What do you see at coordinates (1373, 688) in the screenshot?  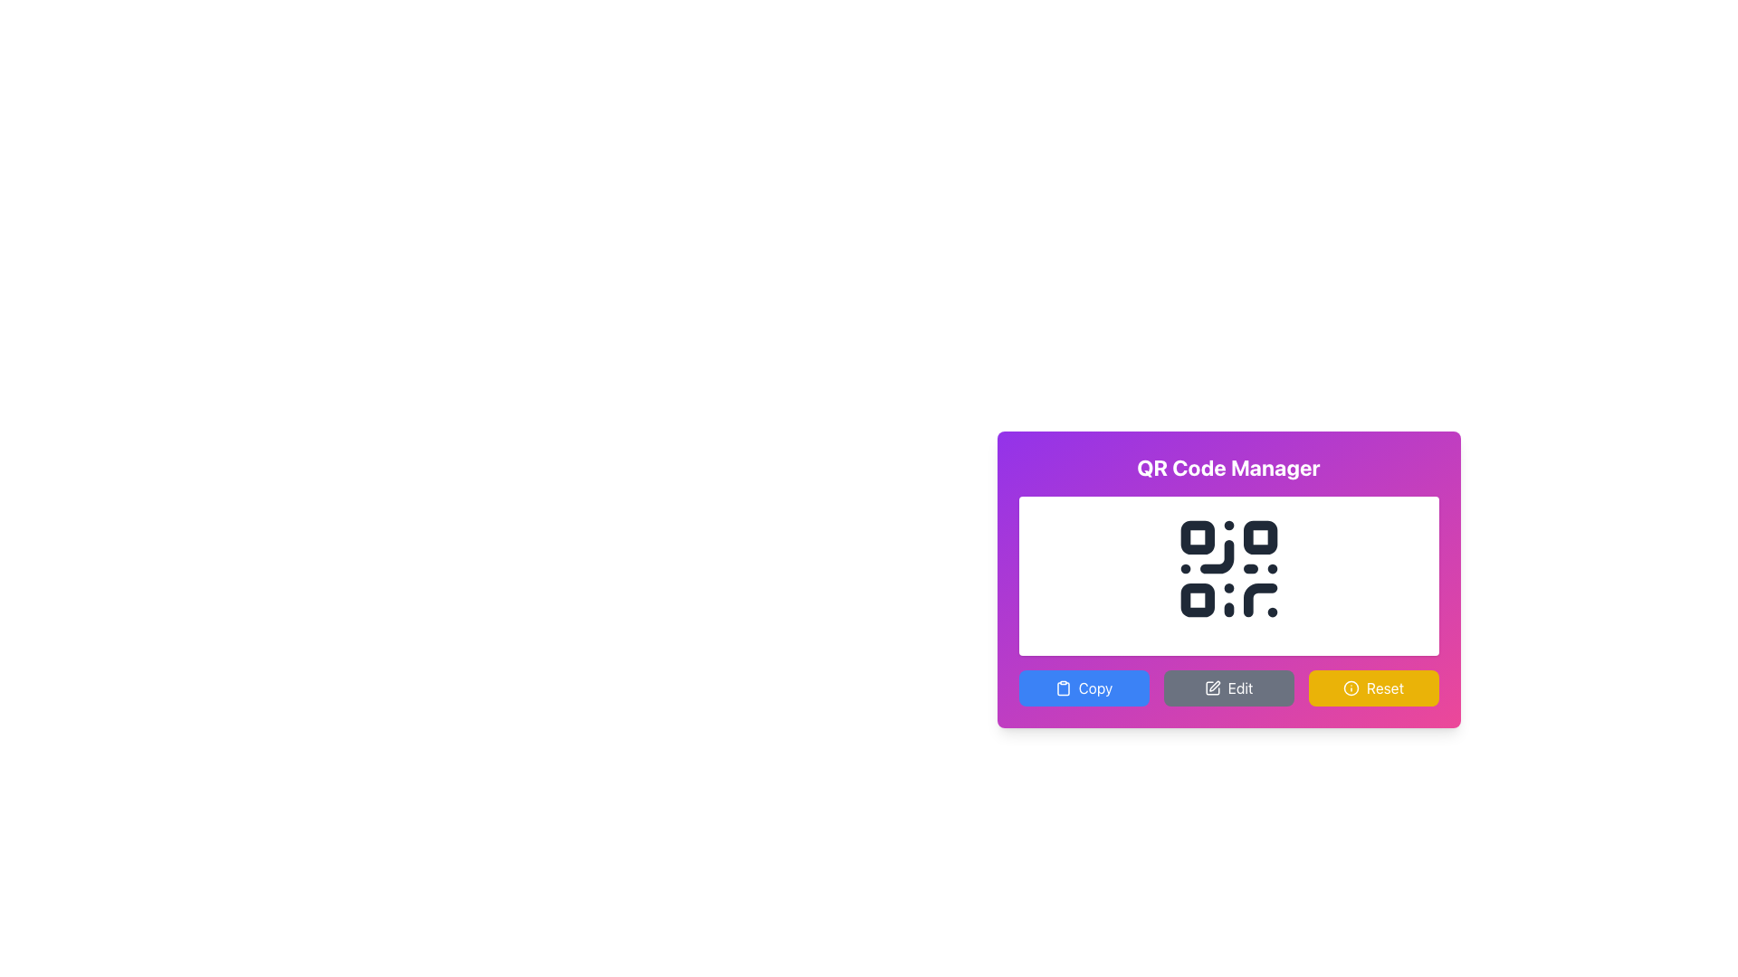 I see `the 'Reset' button, which is the third button from the left, styled in bright yellow with rounded corners and an information icon to the left of the text` at bounding box center [1373, 688].